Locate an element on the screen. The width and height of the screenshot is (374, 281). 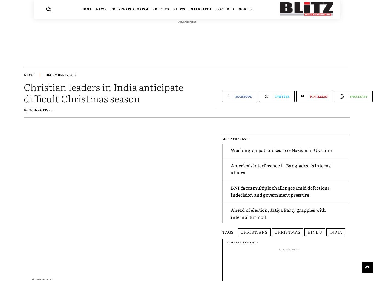
'Christians' is located at coordinates (254, 232).